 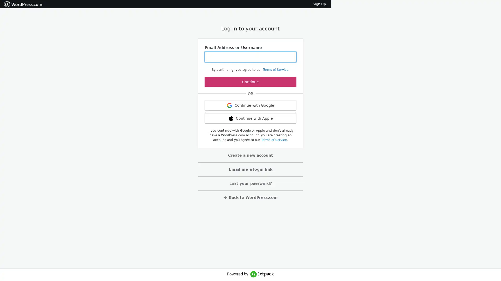 What do you see at coordinates (250, 118) in the screenshot?
I see `Continue with Apple` at bounding box center [250, 118].